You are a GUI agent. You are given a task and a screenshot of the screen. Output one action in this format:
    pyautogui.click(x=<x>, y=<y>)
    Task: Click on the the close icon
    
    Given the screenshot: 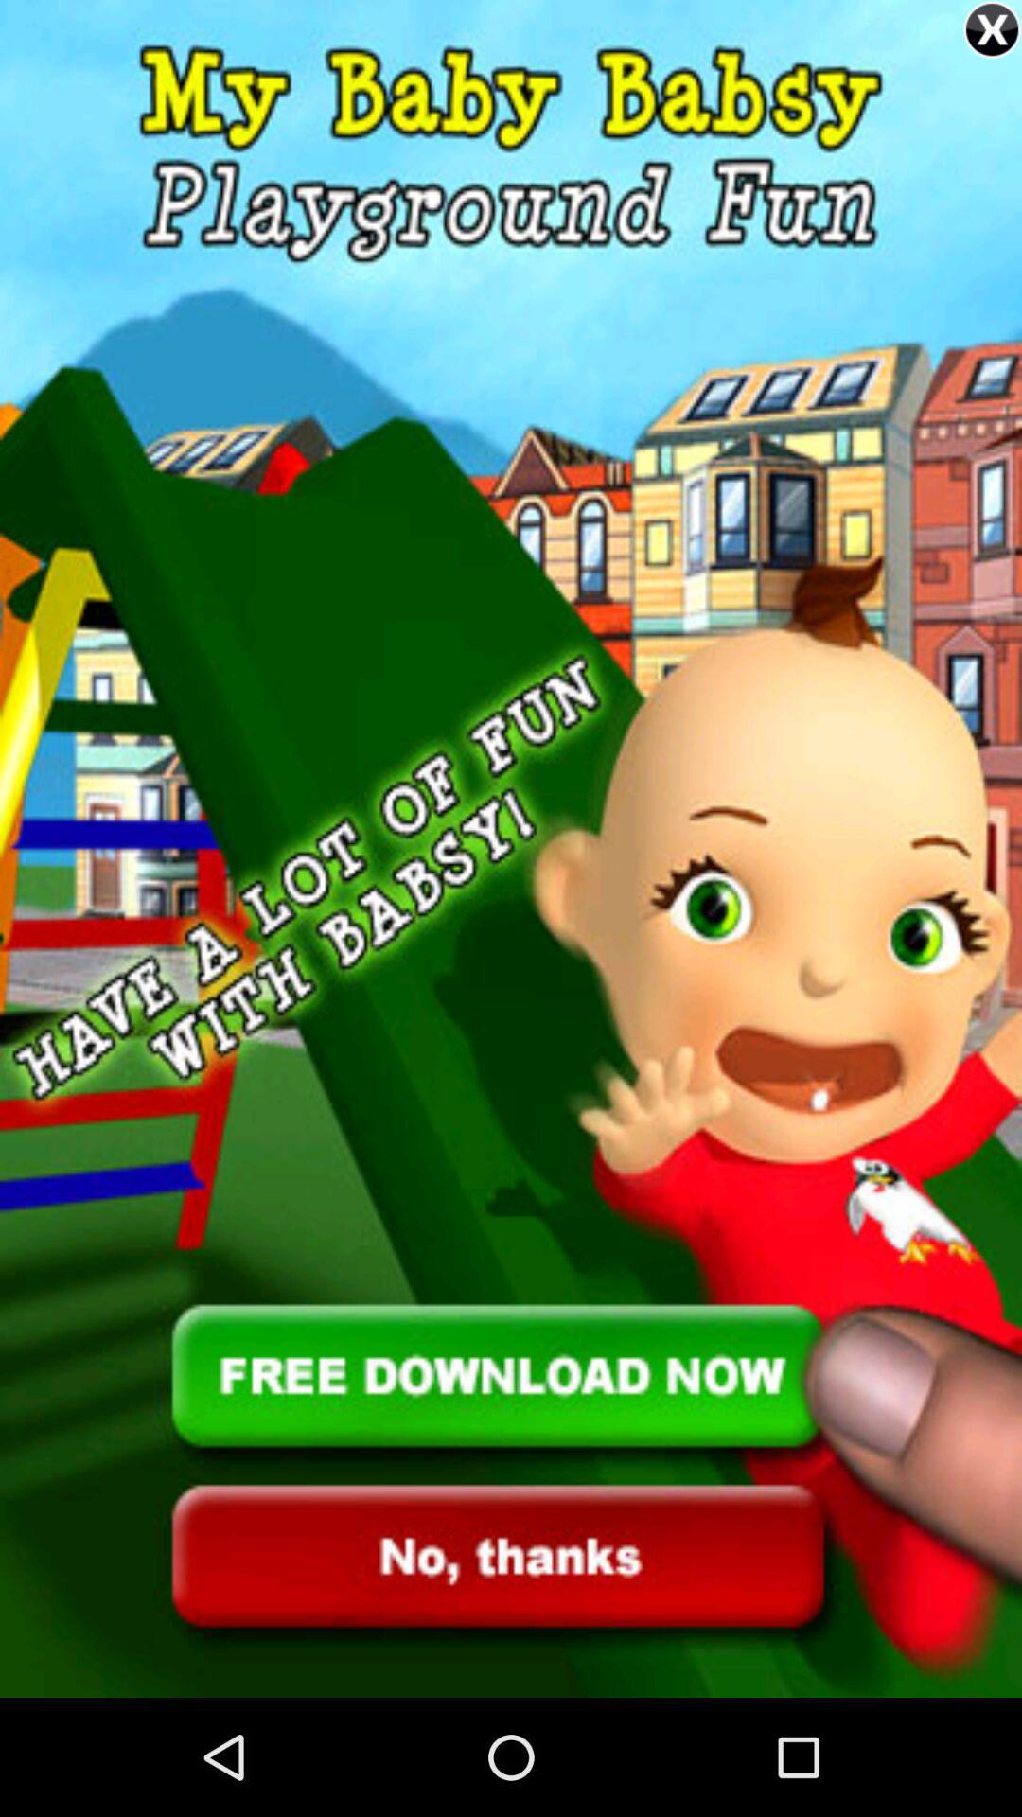 What is the action you would take?
    pyautogui.click(x=991, y=31)
    